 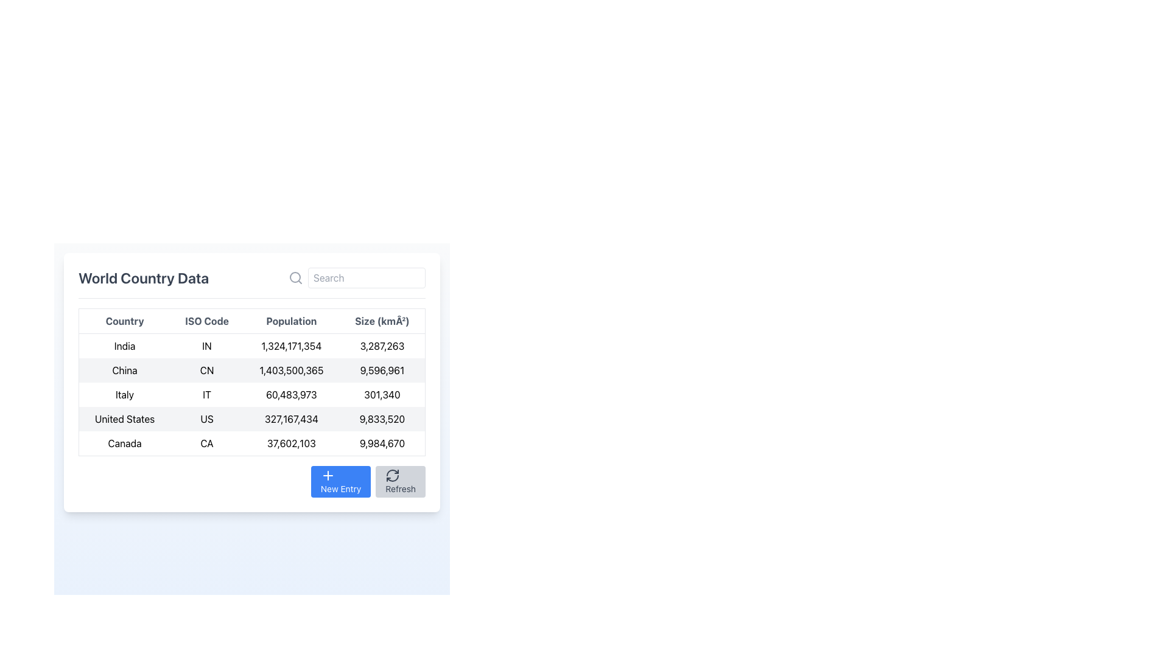 What do you see at coordinates (124, 370) in the screenshot?
I see `the text label displaying 'China' in black font, located in the first cell under the 'Country' column in the second row of the table` at bounding box center [124, 370].